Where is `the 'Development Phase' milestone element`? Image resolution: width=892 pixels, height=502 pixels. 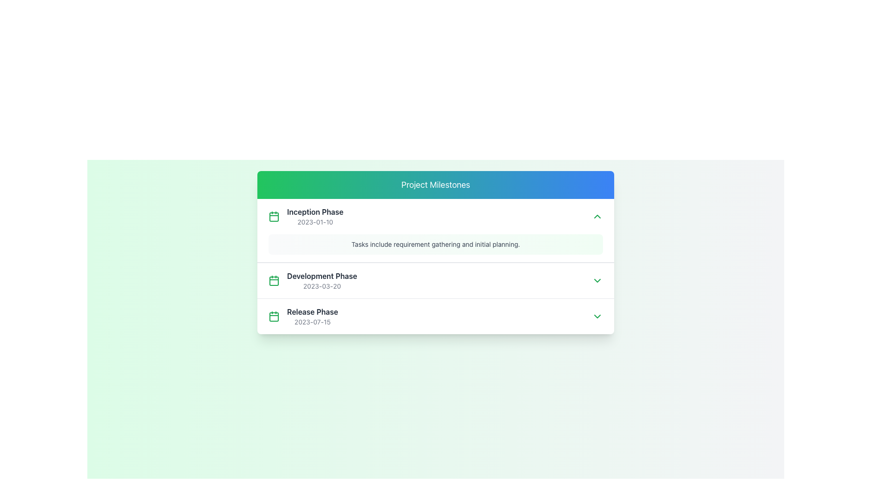
the 'Development Phase' milestone element is located at coordinates (435, 279).